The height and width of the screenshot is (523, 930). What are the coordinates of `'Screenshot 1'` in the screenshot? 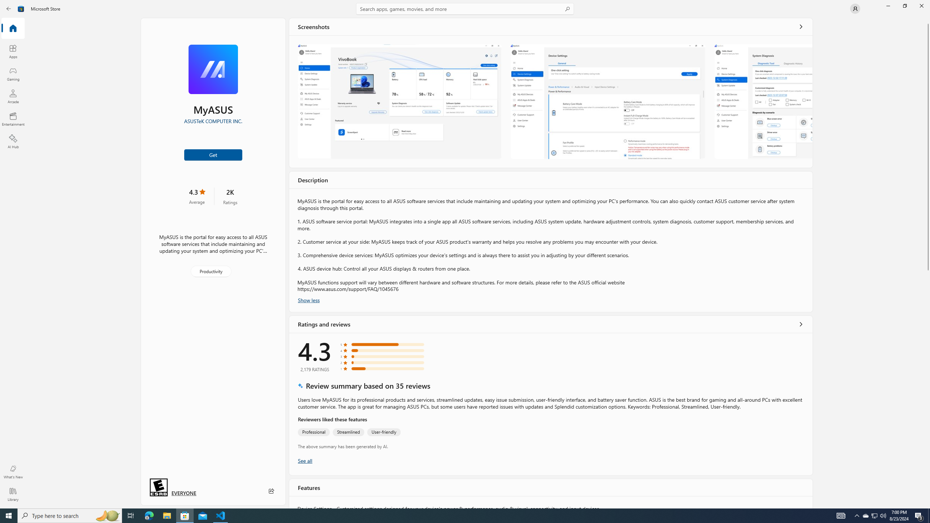 It's located at (399, 101).